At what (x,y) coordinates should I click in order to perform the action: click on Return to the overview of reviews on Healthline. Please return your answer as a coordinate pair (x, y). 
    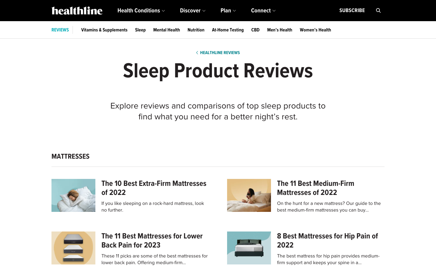
    Looking at the image, I should click on (218, 53).